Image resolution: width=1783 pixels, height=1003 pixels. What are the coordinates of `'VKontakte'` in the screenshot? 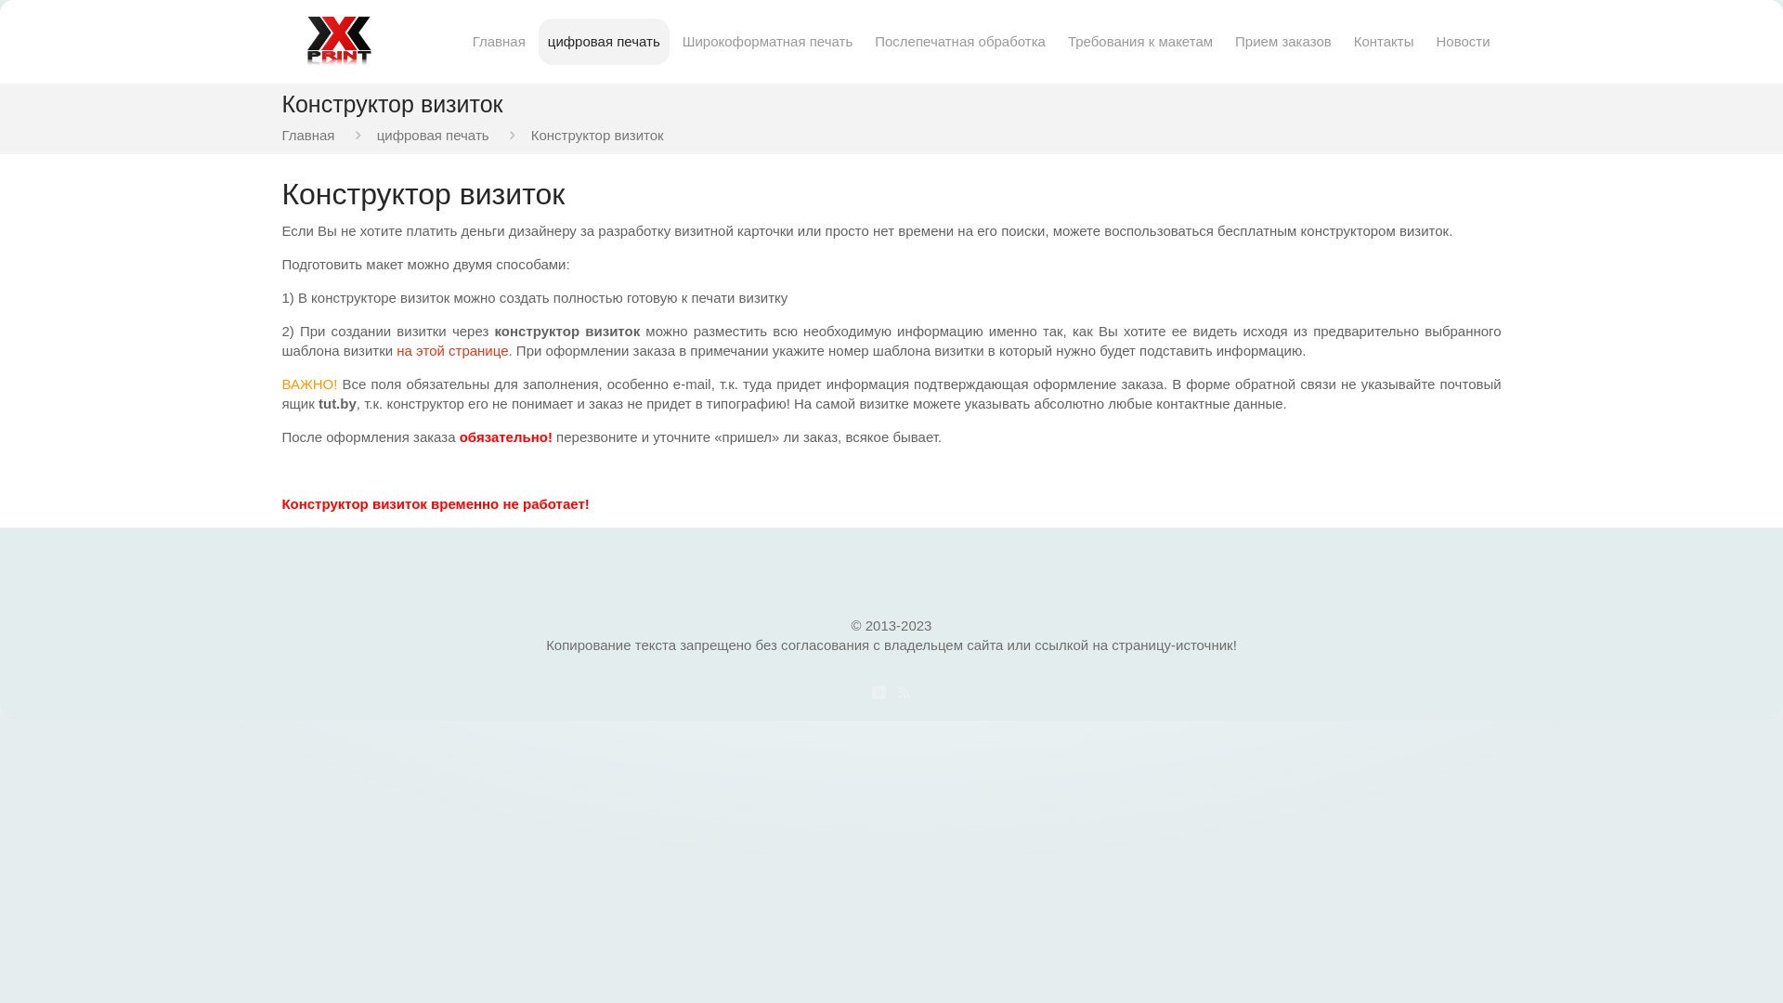 It's located at (878, 692).